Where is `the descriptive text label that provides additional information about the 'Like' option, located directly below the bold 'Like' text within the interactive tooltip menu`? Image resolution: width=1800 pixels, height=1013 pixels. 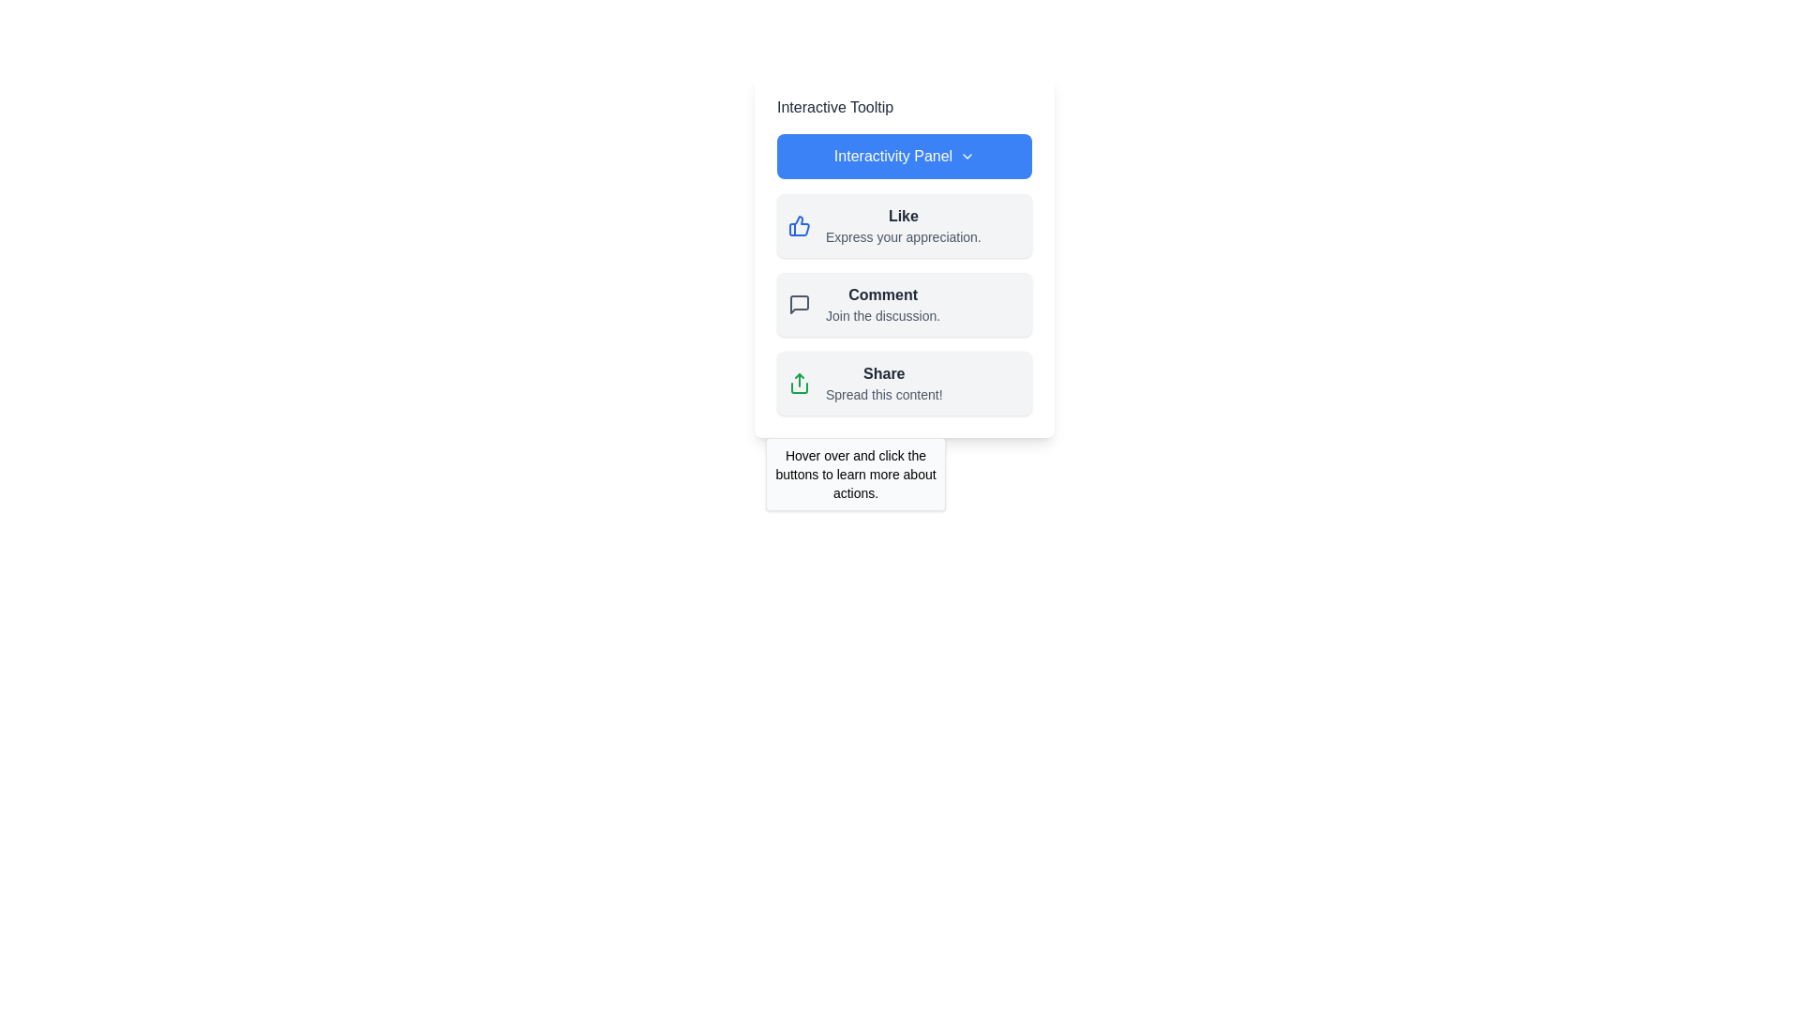 the descriptive text label that provides additional information about the 'Like' option, located directly below the bold 'Like' text within the interactive tooltip menu is located at coordinates (903, 236).